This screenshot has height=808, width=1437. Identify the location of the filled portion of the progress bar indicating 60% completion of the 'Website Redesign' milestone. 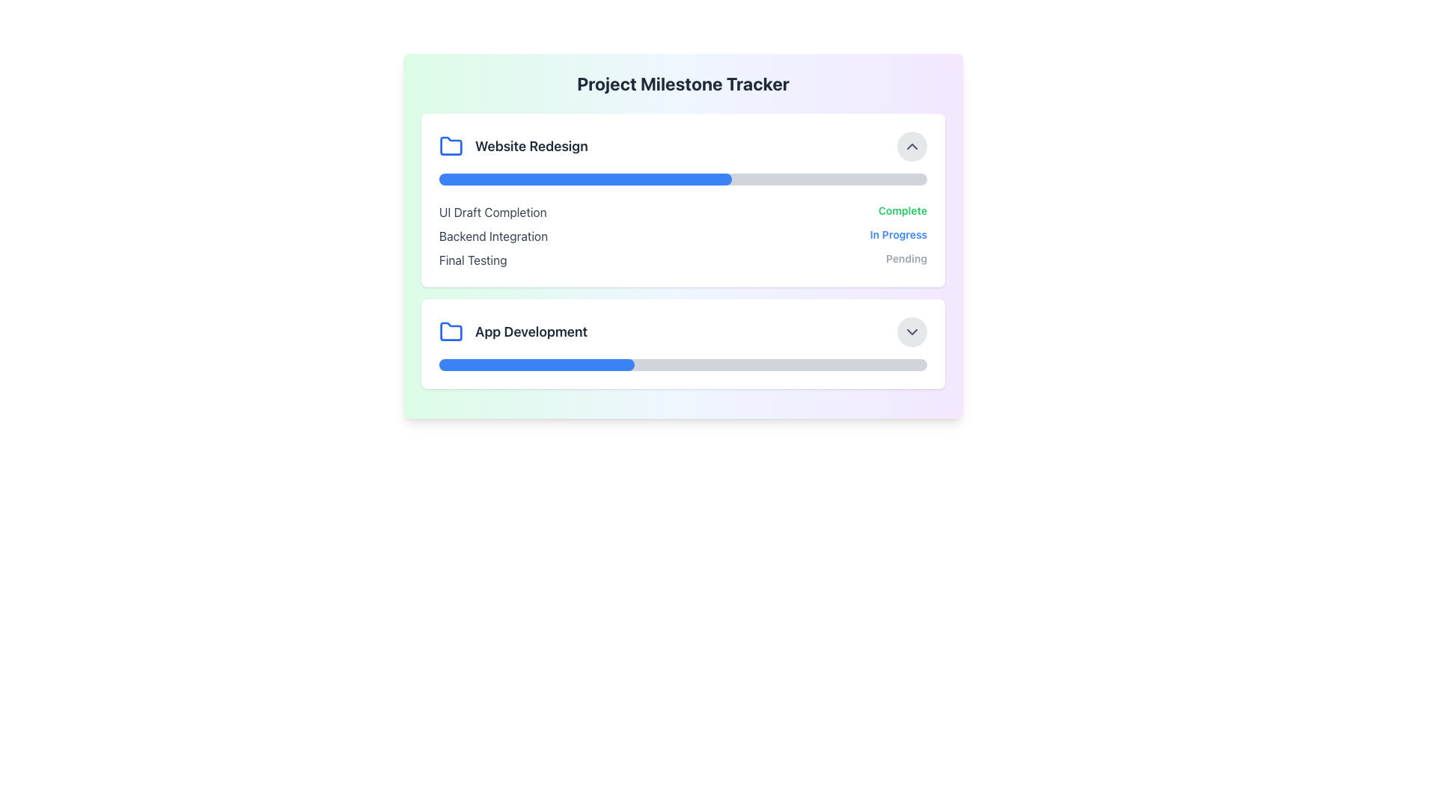
(585, 178).